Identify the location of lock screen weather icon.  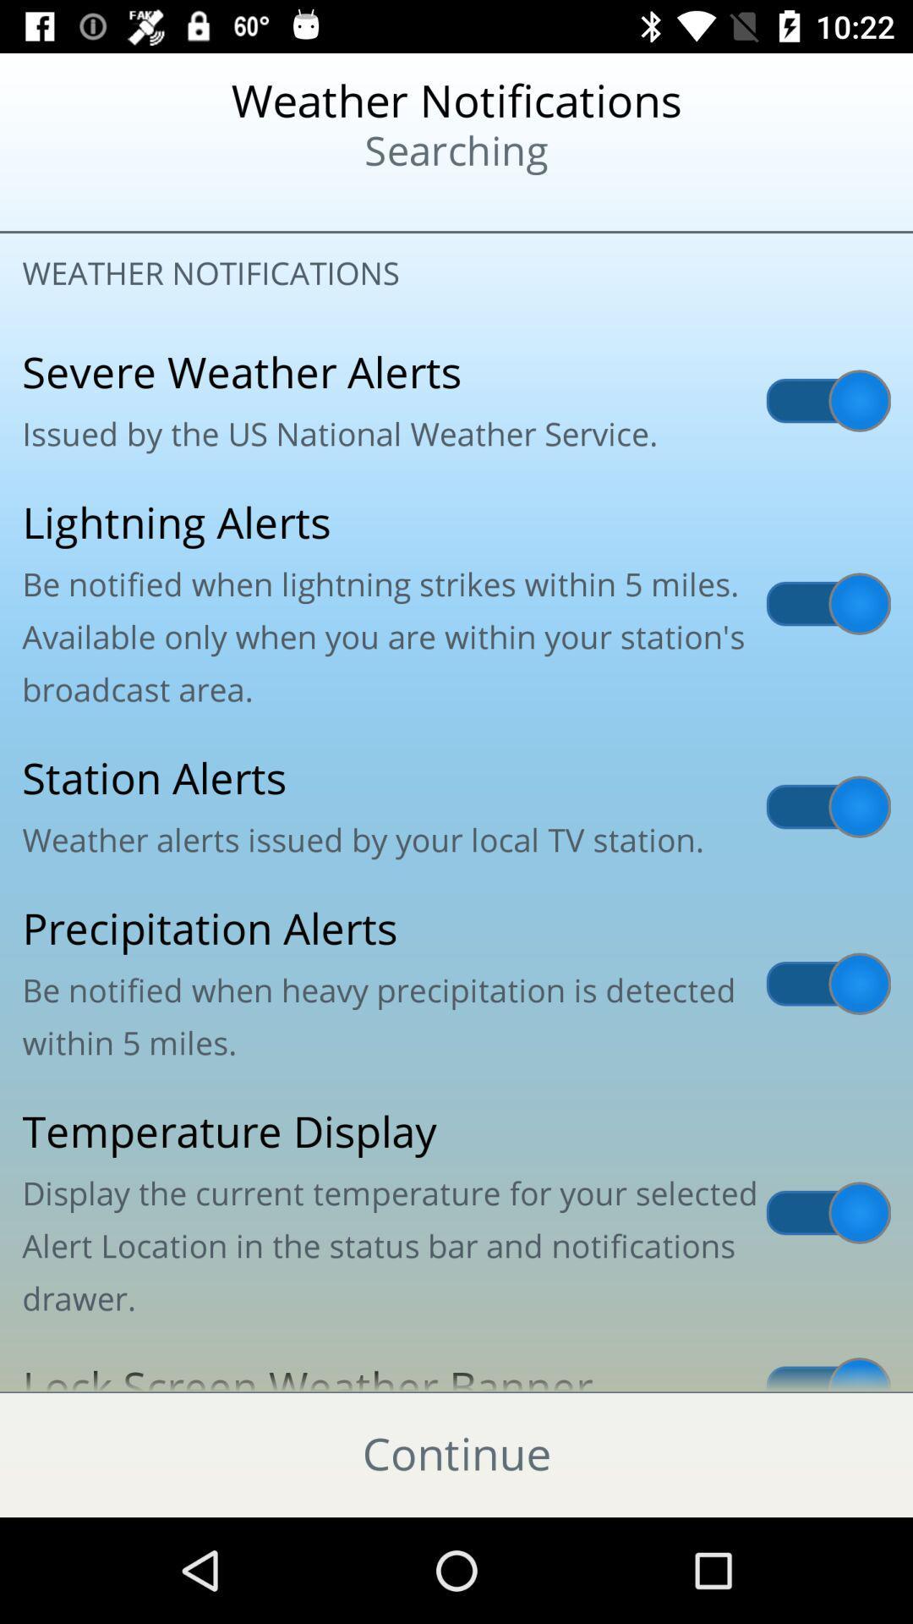
(456, 1366).